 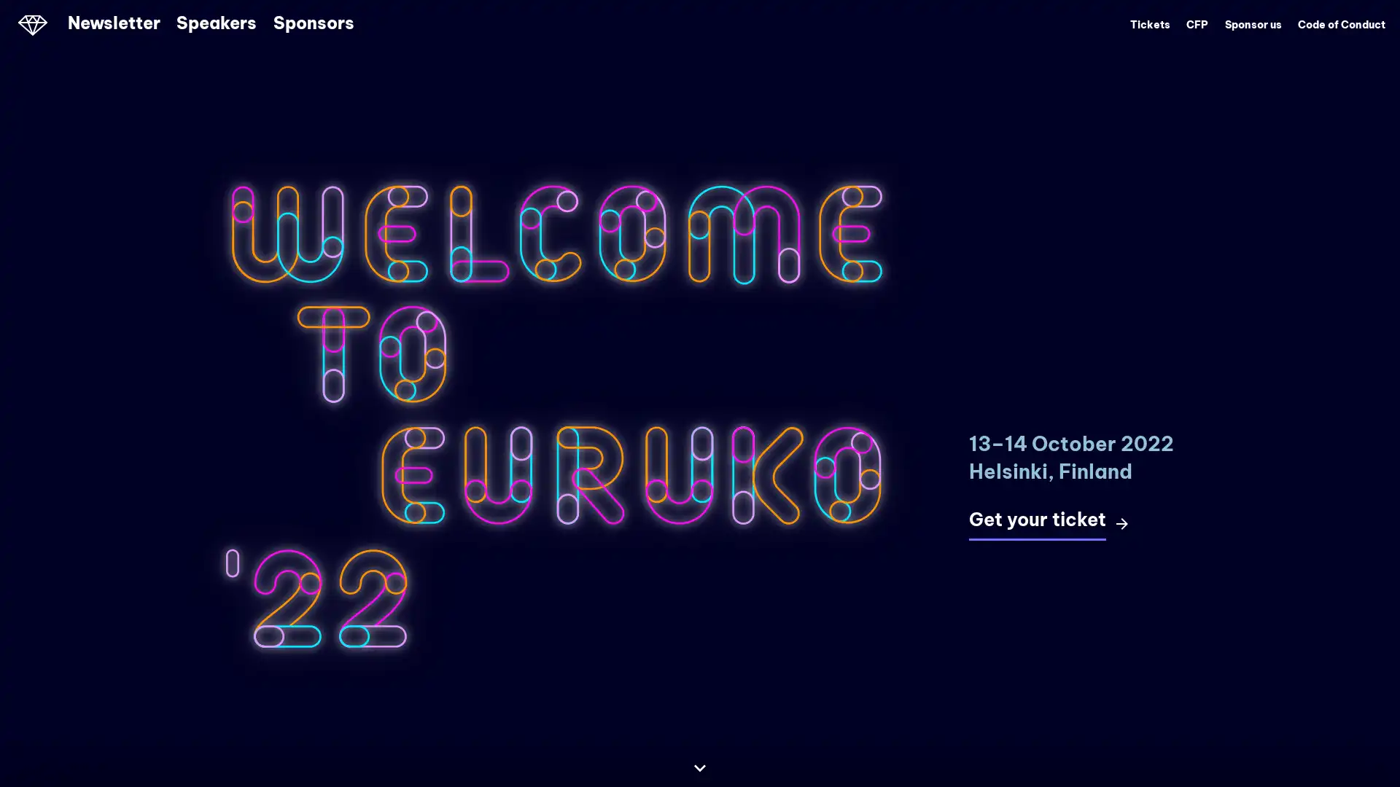 I want to click on Continue, so click(x=700, y=767).